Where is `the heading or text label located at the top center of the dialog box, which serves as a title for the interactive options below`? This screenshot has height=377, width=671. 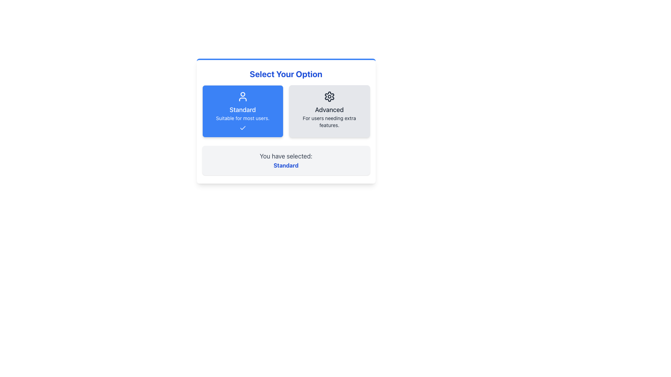 the heading or text label located at the top center of the dialog box, which serves as a title for the interactive options below is located at coordinates (286, 74).